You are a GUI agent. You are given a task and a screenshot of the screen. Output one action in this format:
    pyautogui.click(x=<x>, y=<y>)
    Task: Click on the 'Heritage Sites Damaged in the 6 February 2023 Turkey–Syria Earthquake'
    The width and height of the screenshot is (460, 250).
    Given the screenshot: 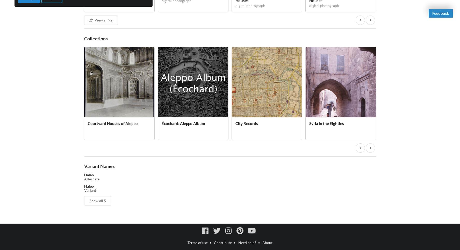 What is the action you would take?
    pyautogui.click(x=411, y=128)
    